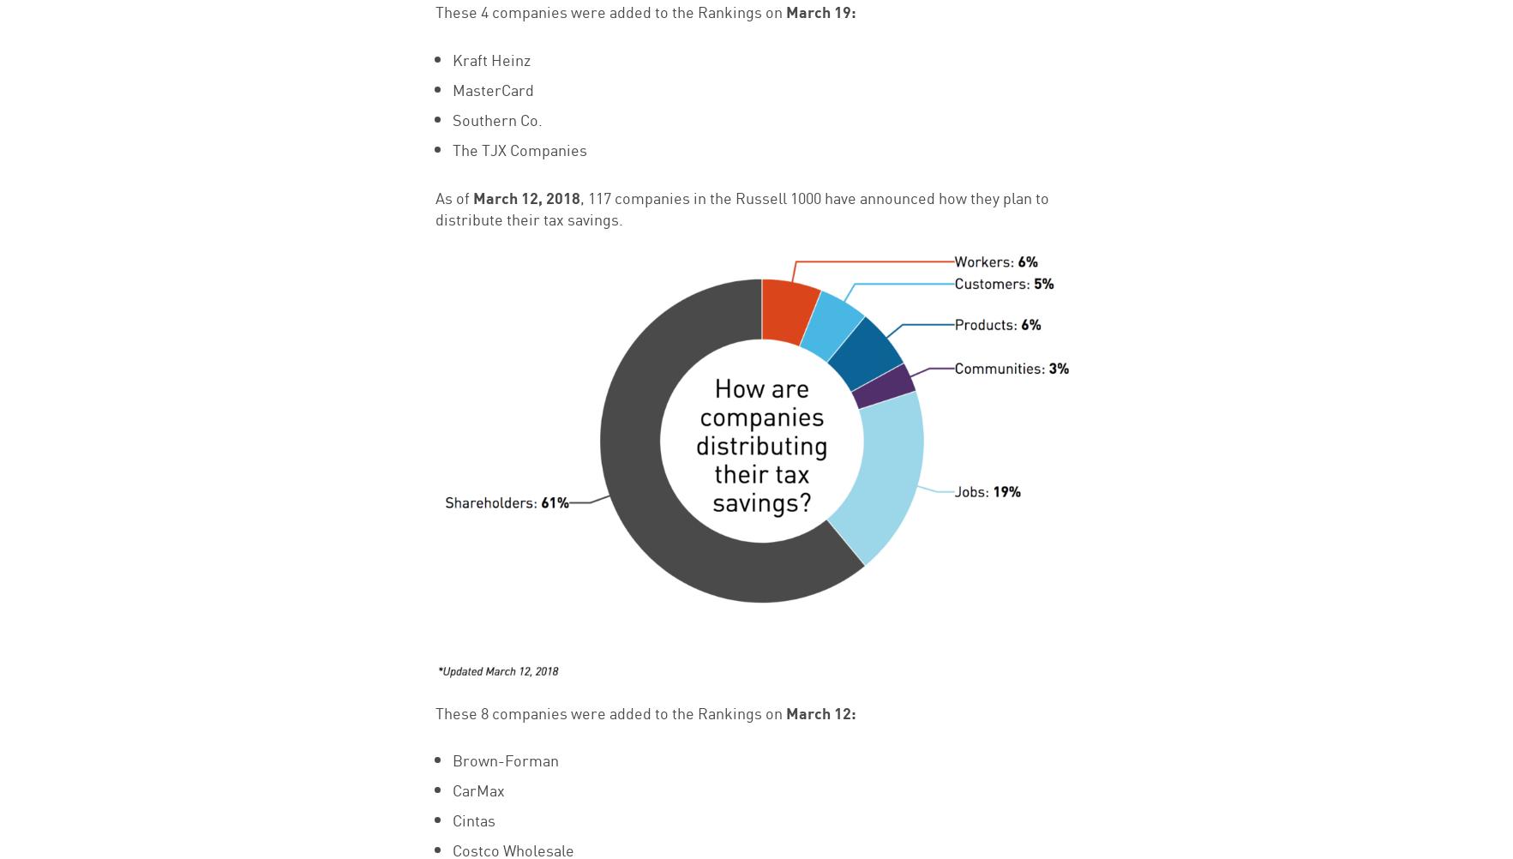  What do you see at coordinates (495, 117) in the screenshot?
I see `'Southern Co.'` at bounding box center [495, 117].